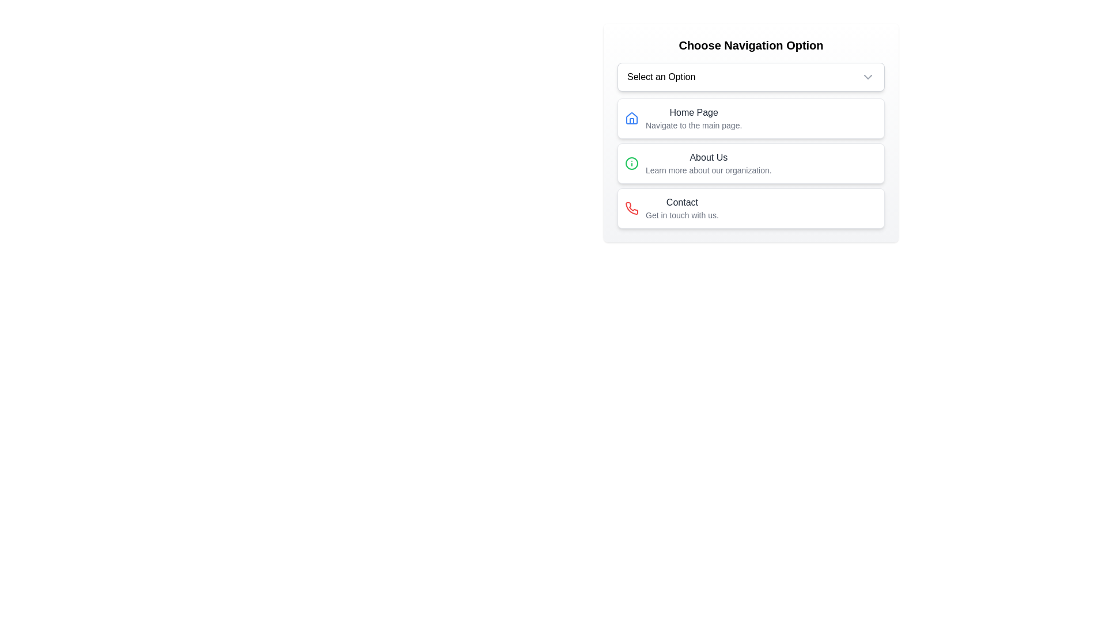 Image resolution: width=1106 pixels, height=622 pixels. Describe the element at coordinates (751, 164) in the screenshot. I see `the second navigation button under 'Choose Navigation Option'` at that location.